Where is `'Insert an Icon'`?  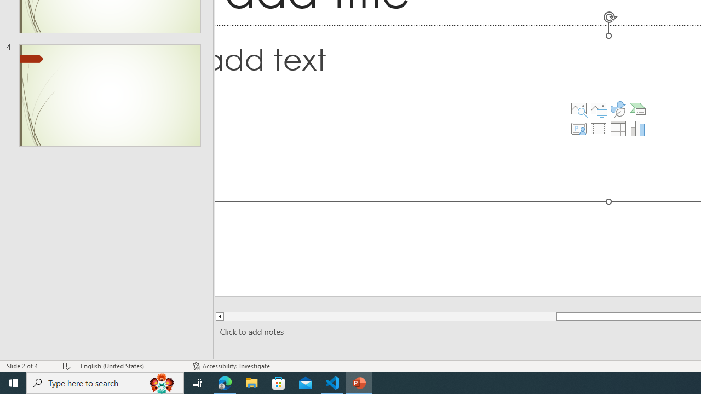
'Insert an Icon' is located at coordinates (618, 109).